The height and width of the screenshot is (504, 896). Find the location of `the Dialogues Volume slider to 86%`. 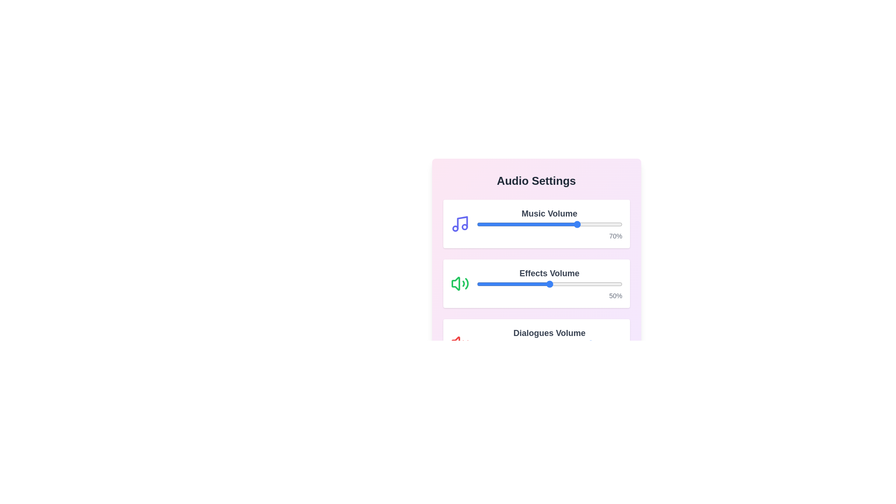

the Dialogues Volume slider to 86% is located at coordinates (602, 343).